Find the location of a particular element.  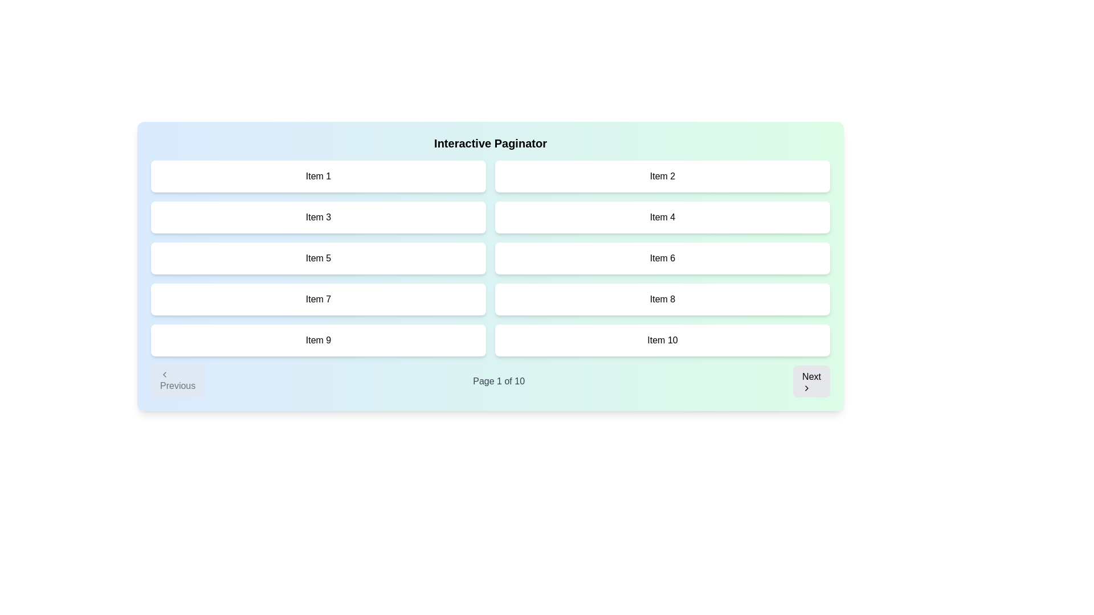

the Text Label element displaying 'Item 3', which is located in the second row, first column of a grid layout is located at coordinates (318, 217).